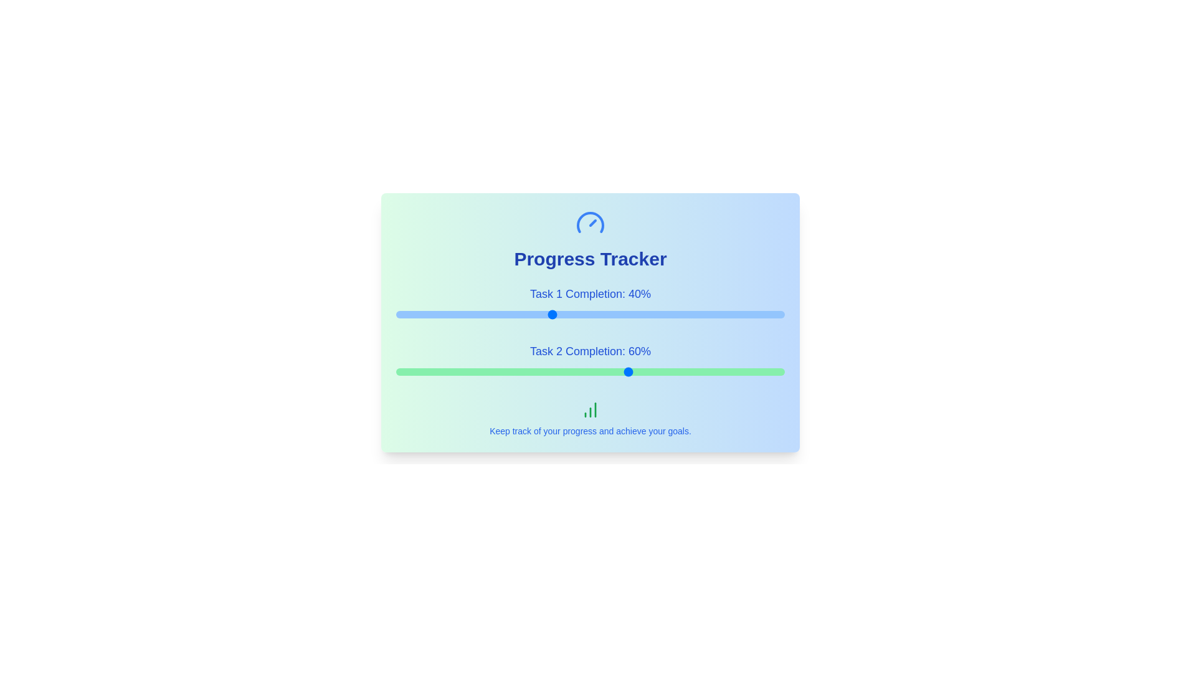  What do you see at coordinates (695, 314) in the screenshot?
I see `the progress value` at bounding box center [695, 314].